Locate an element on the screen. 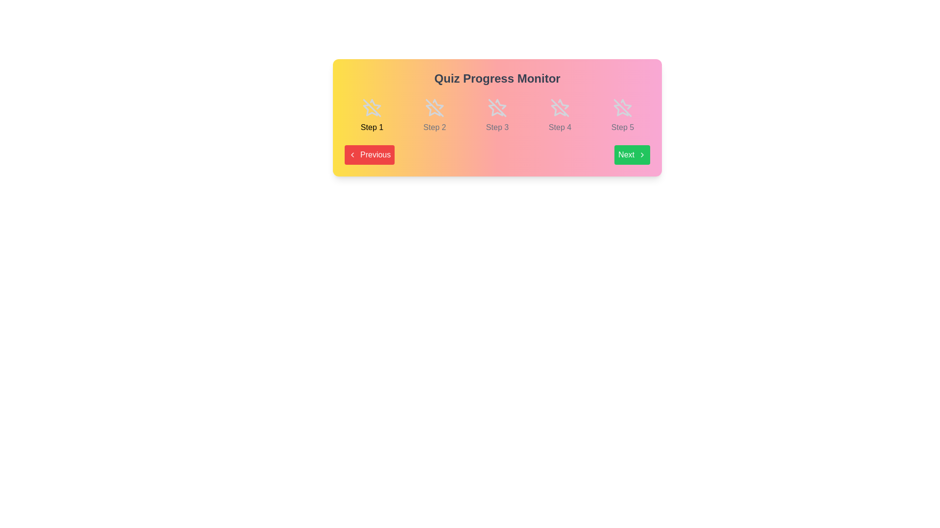 The image size is (940, 528). the 'Quiz Progress Monitor' text label, which serves as a section title and is located at the top of the gradient-styled rectangular card containing the progress steps is located at coordinates (497, 78).